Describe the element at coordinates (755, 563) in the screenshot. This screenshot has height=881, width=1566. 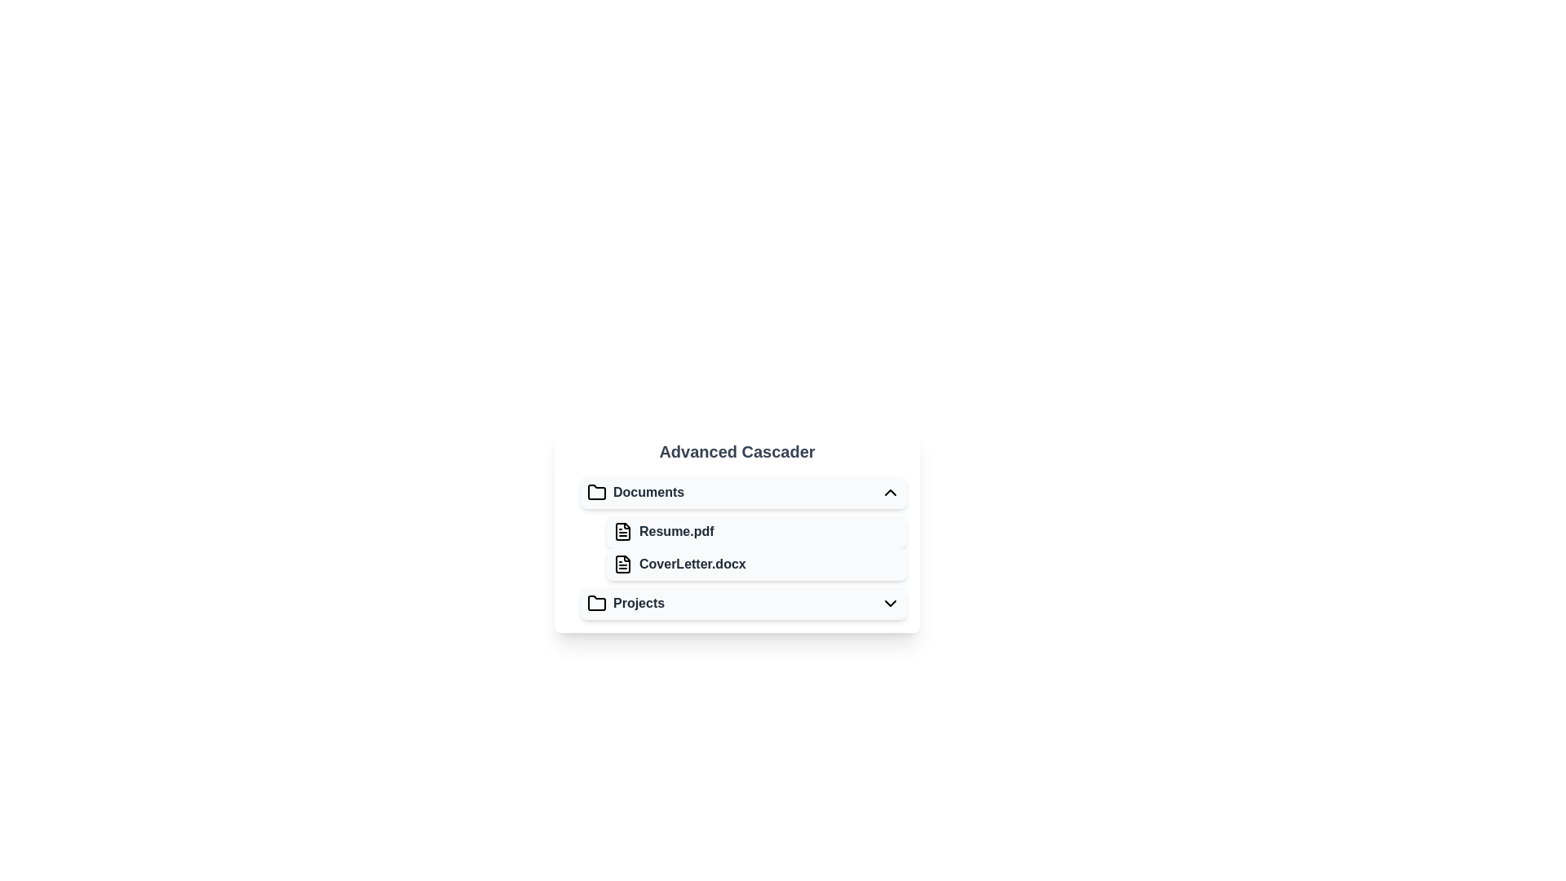
I see `the List item representing the document 'CoverLetter.docx'` at that location.